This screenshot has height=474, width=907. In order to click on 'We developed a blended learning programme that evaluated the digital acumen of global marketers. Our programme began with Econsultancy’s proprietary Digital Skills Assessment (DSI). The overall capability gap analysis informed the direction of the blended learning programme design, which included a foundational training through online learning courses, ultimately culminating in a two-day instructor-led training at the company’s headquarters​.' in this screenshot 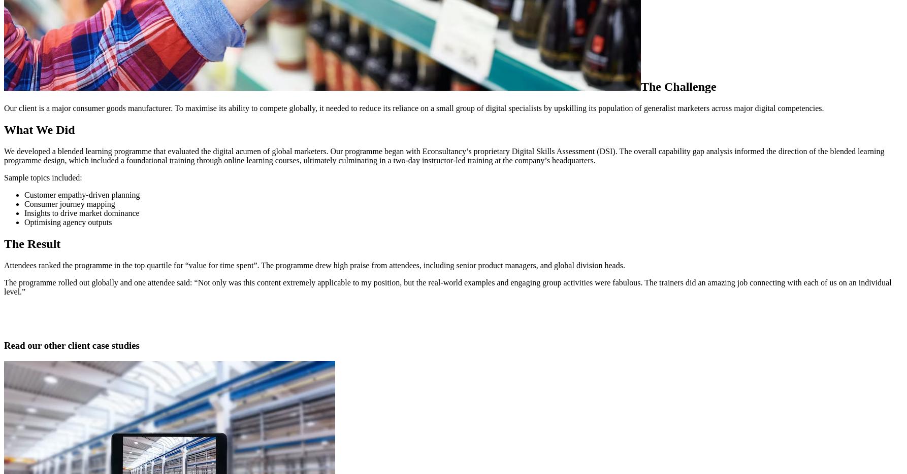, I will do `click(4, 155)`.